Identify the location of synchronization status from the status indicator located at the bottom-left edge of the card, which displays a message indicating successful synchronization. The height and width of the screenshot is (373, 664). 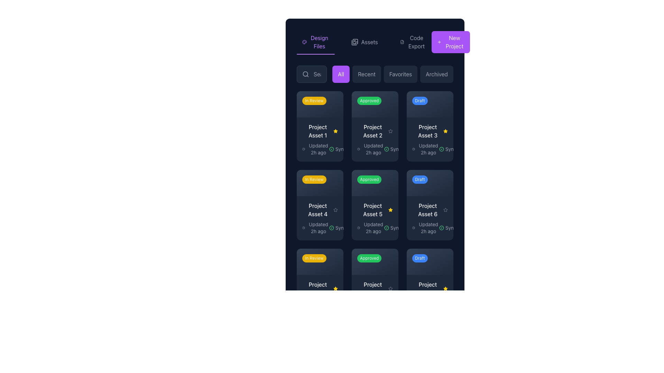
(340, 149).